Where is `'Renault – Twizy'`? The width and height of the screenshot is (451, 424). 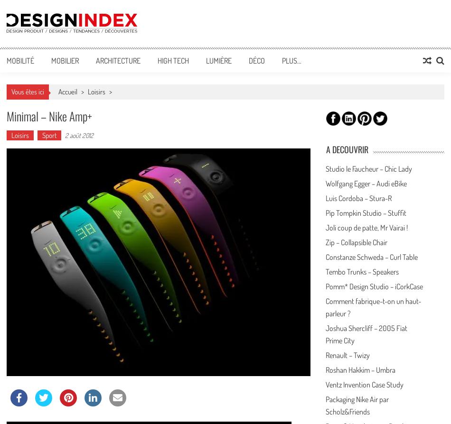 'Renault – Twizy' is located at coordinates (347, 354).